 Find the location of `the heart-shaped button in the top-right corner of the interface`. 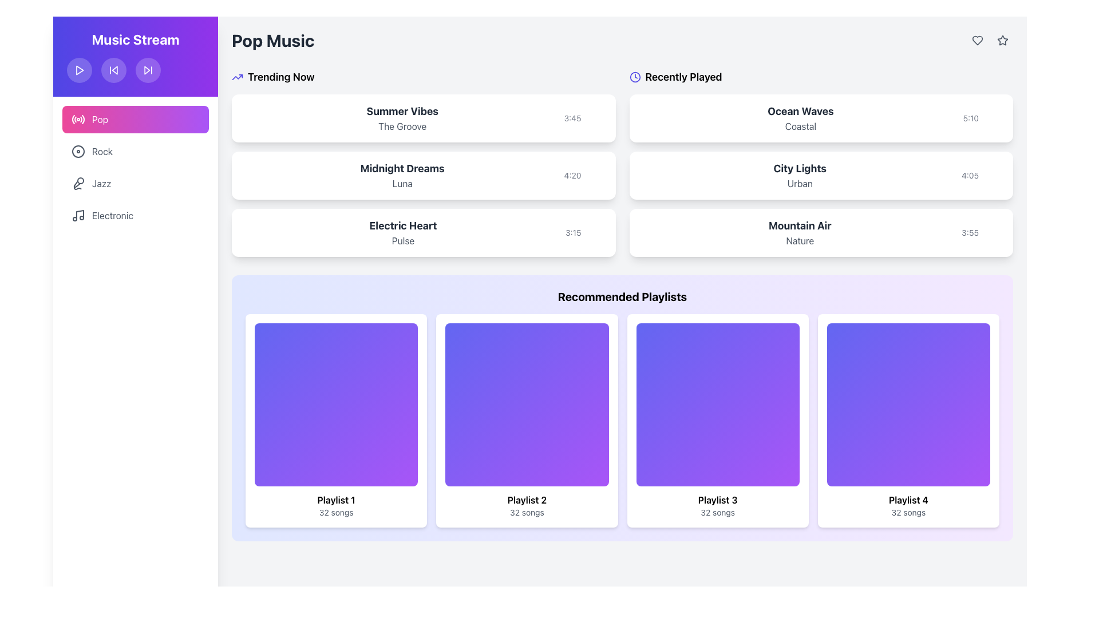

the heart-shaped button in the top-right corner of the interface is located at coordinates (977, 39).